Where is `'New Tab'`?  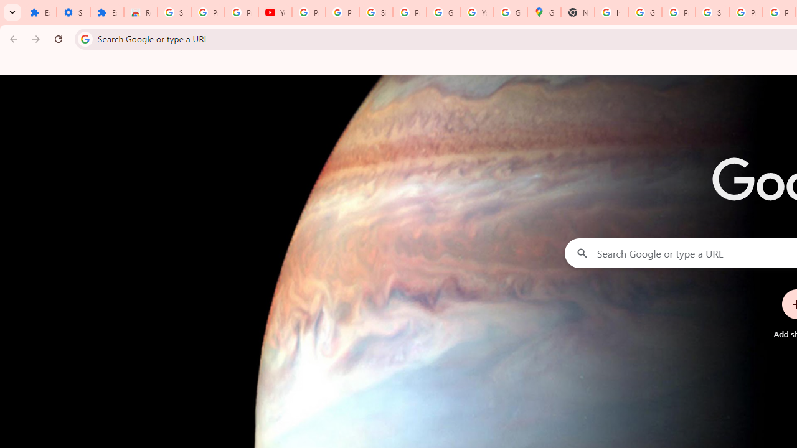
'New Tab' is located at coordinates (577, 12).